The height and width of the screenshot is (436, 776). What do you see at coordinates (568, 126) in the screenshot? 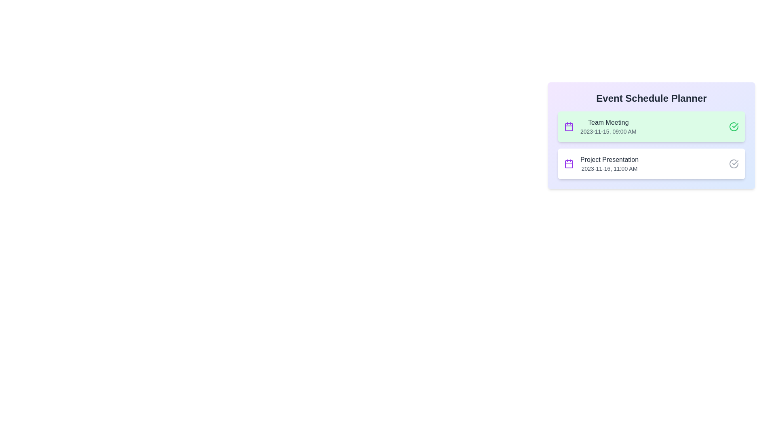
I see `the calendar icon associated with the first event` at bounding box center [568, 126].